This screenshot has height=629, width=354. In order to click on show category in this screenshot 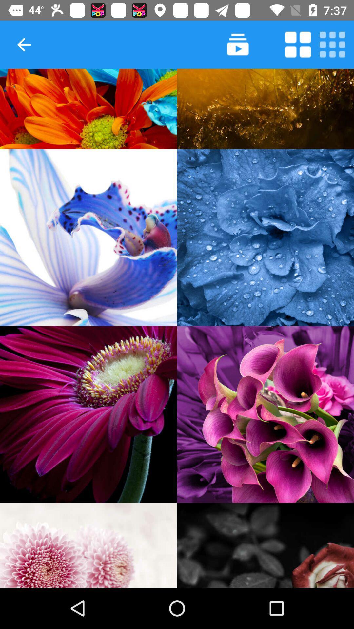, I will do `click(265, 545)`.